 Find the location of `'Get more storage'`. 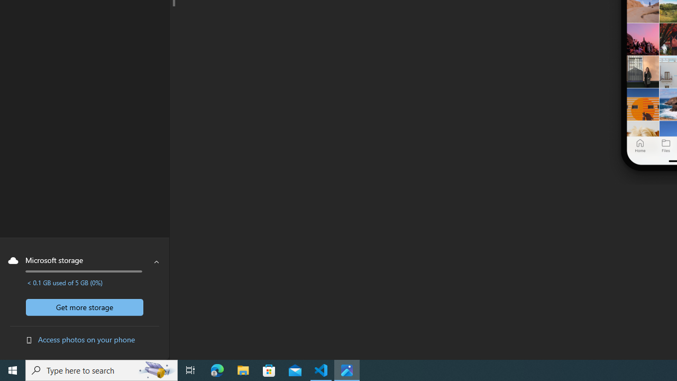

'Get more storage' is located at coordinates (85, 307).